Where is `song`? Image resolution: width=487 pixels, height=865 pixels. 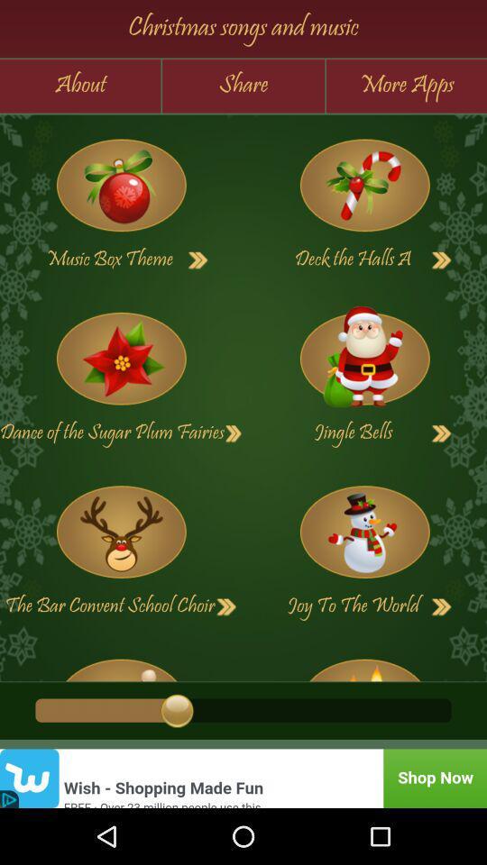
song is located at coordinates (441, 606).